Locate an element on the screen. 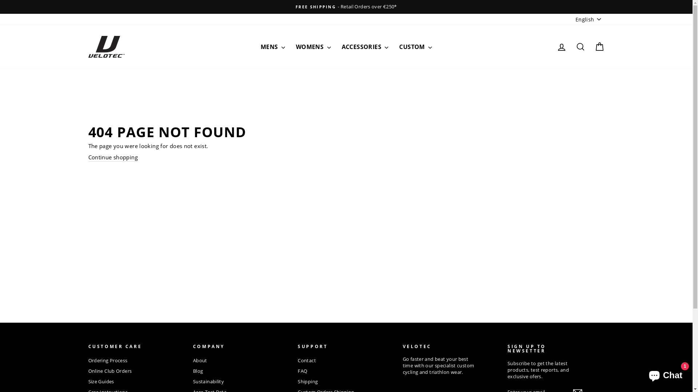  'About' is located at coordinates (200, 361).